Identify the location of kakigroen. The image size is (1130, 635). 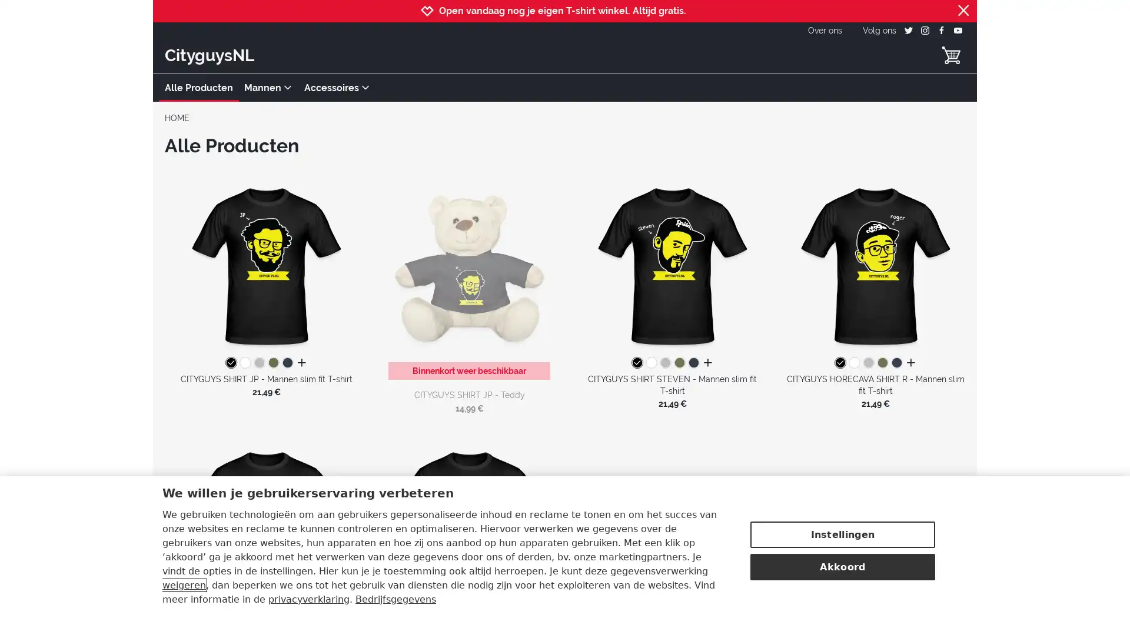
(272, 363).